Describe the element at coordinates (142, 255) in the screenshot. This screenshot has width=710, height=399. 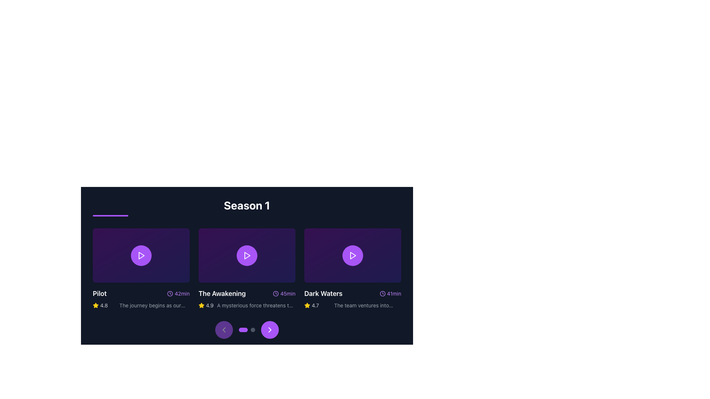
I see `the triangular play icon located at the center of the upper section of the first media card in the carousel to play the associated media` at that location.